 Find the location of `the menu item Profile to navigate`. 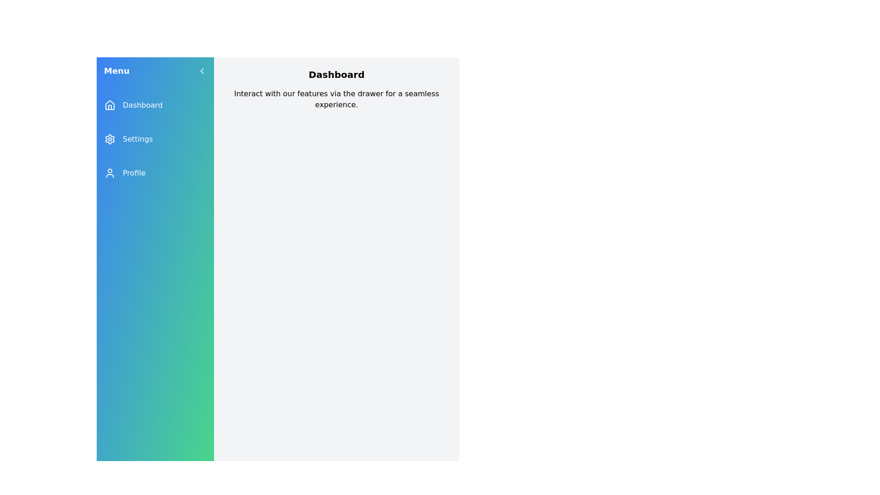

the menu item Profile to navigate is located at coordinates (155, 173).